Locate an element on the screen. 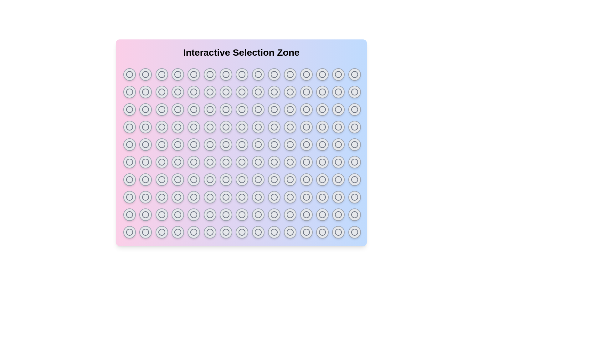  the title of the component, which is located at the center of the component is located at coordinates (241, 52).